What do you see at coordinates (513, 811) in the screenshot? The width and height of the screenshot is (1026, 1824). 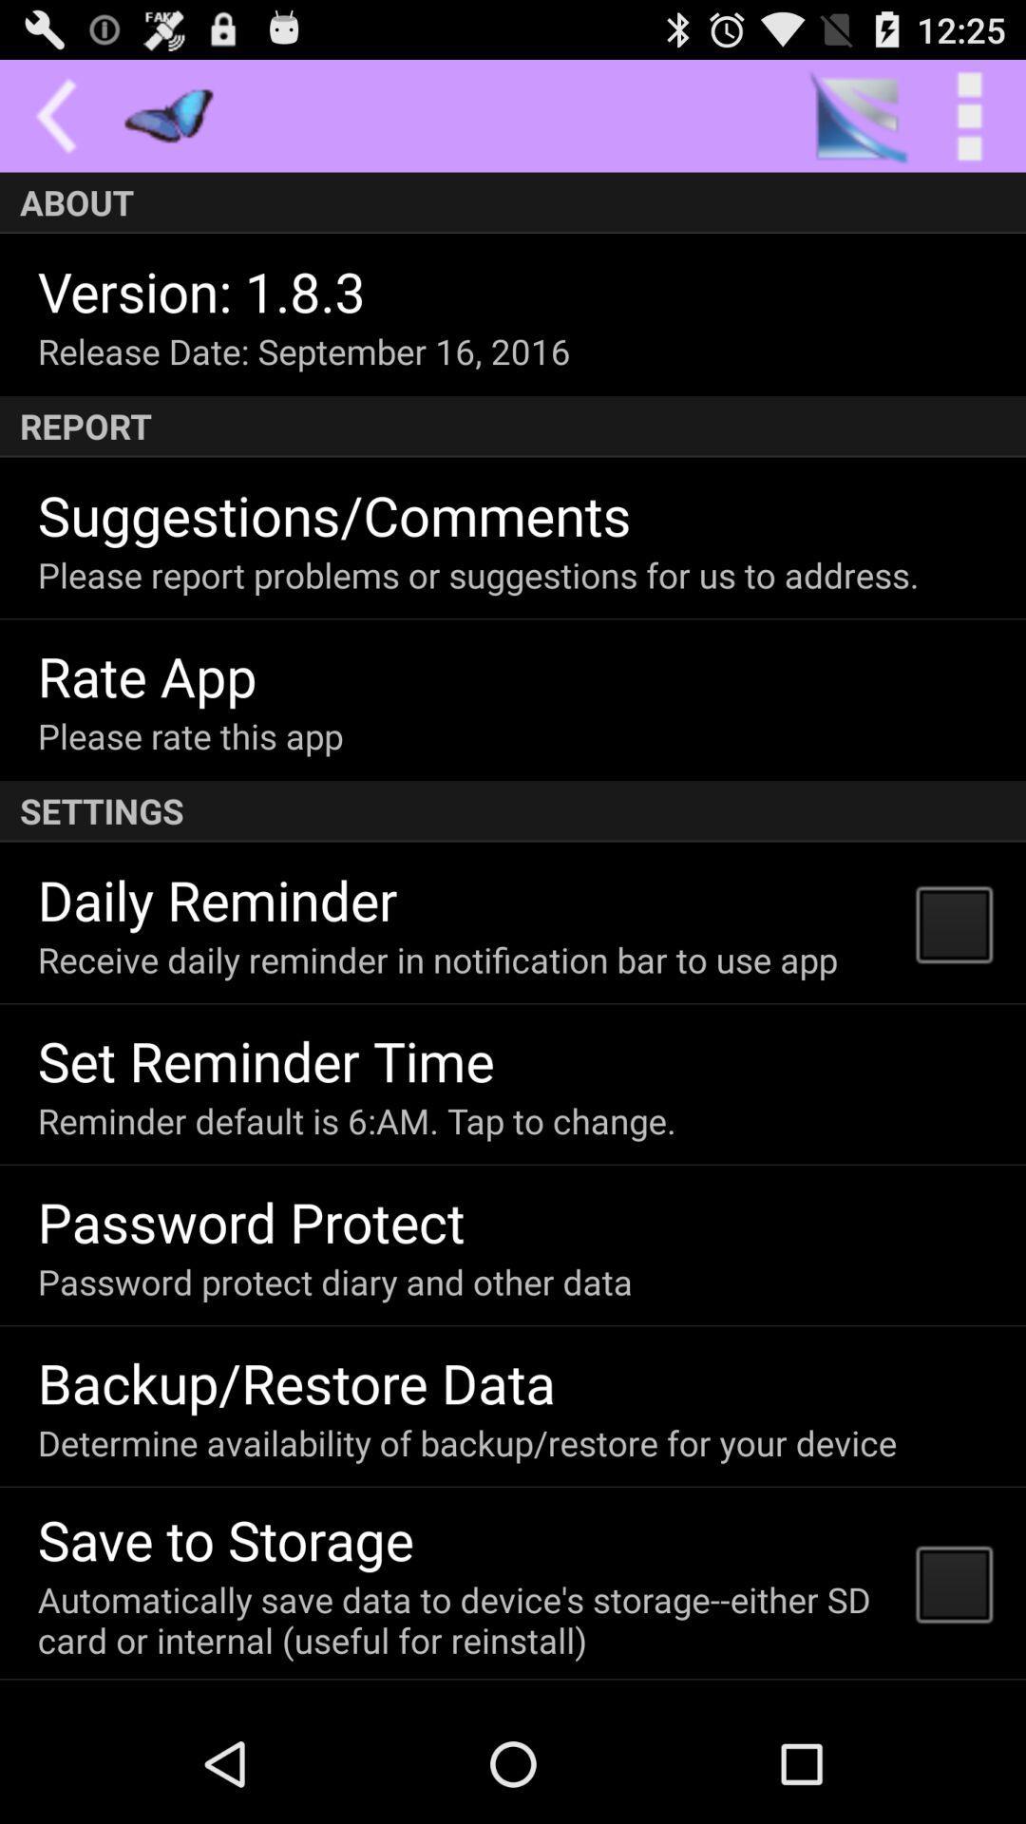 I see `item above the daily reminder` at bounding box center [513, 811].